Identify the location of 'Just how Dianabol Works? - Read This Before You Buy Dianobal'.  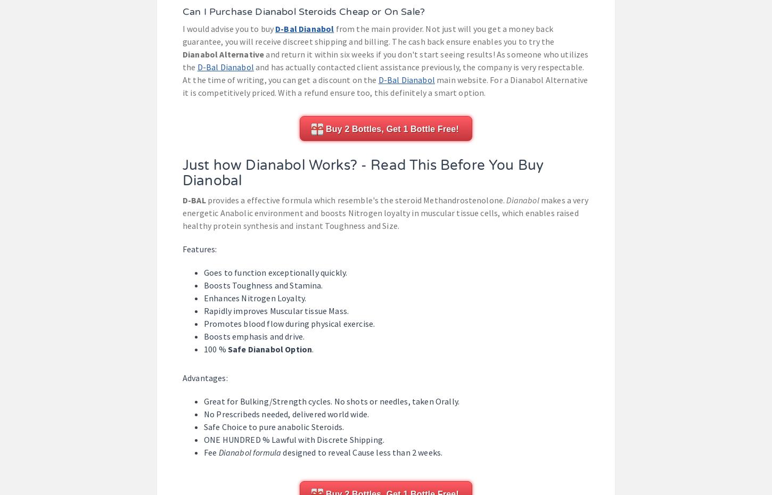
(362, 172).